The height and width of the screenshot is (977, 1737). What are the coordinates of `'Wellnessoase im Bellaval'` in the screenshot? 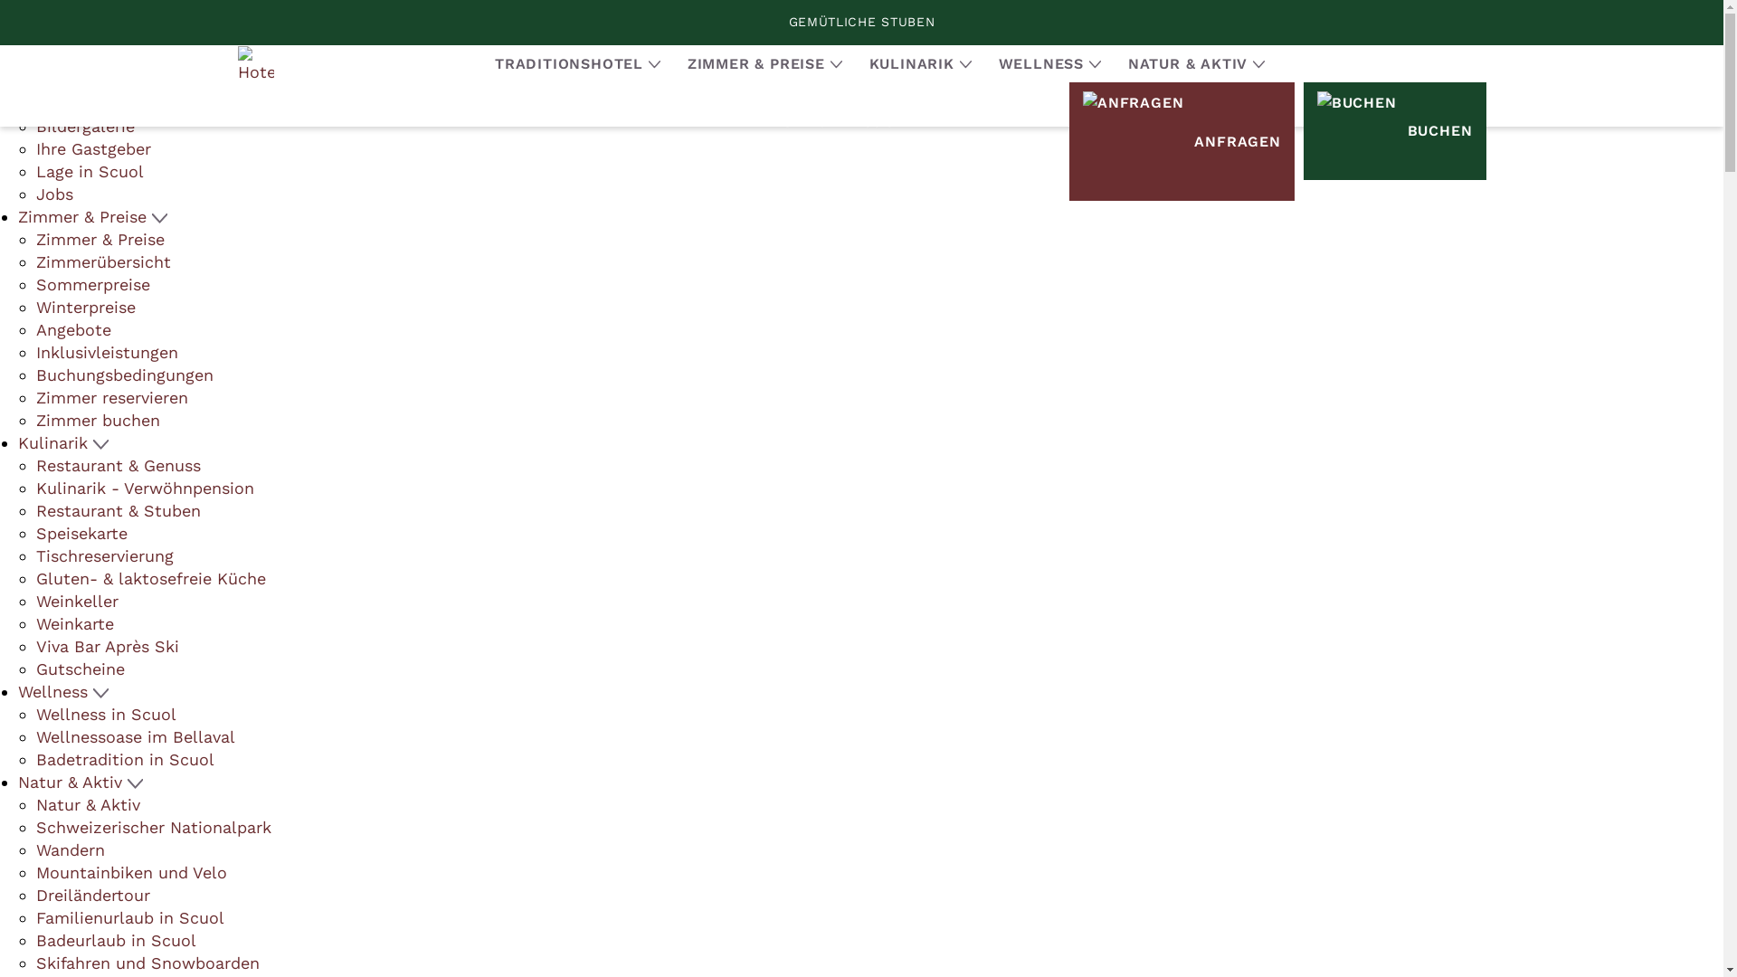 It's located at (35, 736).